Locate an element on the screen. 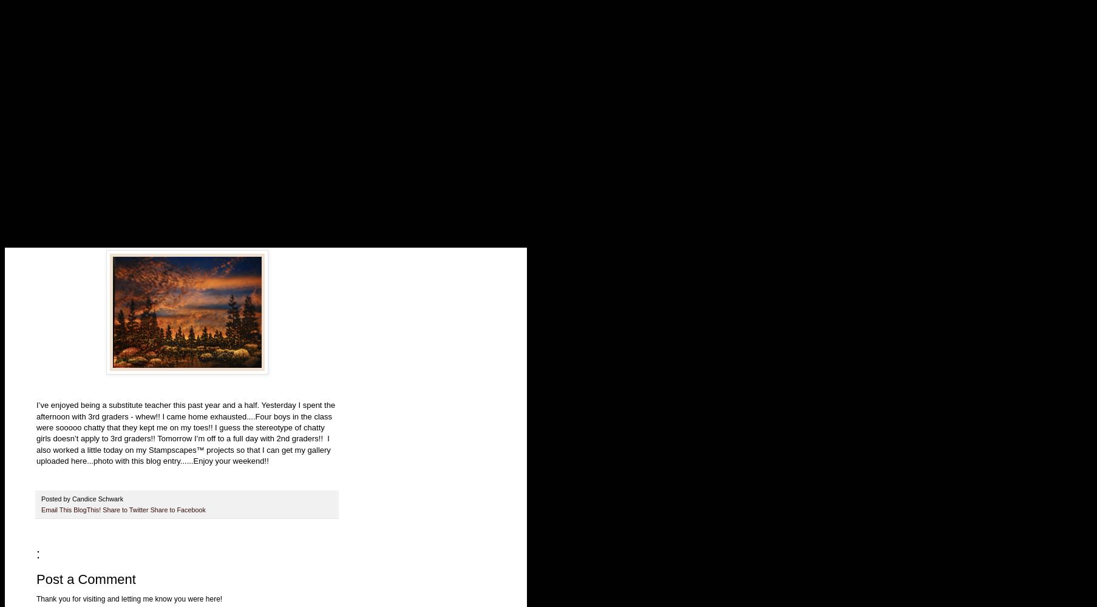 Image resolution: width=1097 pixels, height=607 pixels. 'Share to Twitter' is located at coordinates (102, 509).